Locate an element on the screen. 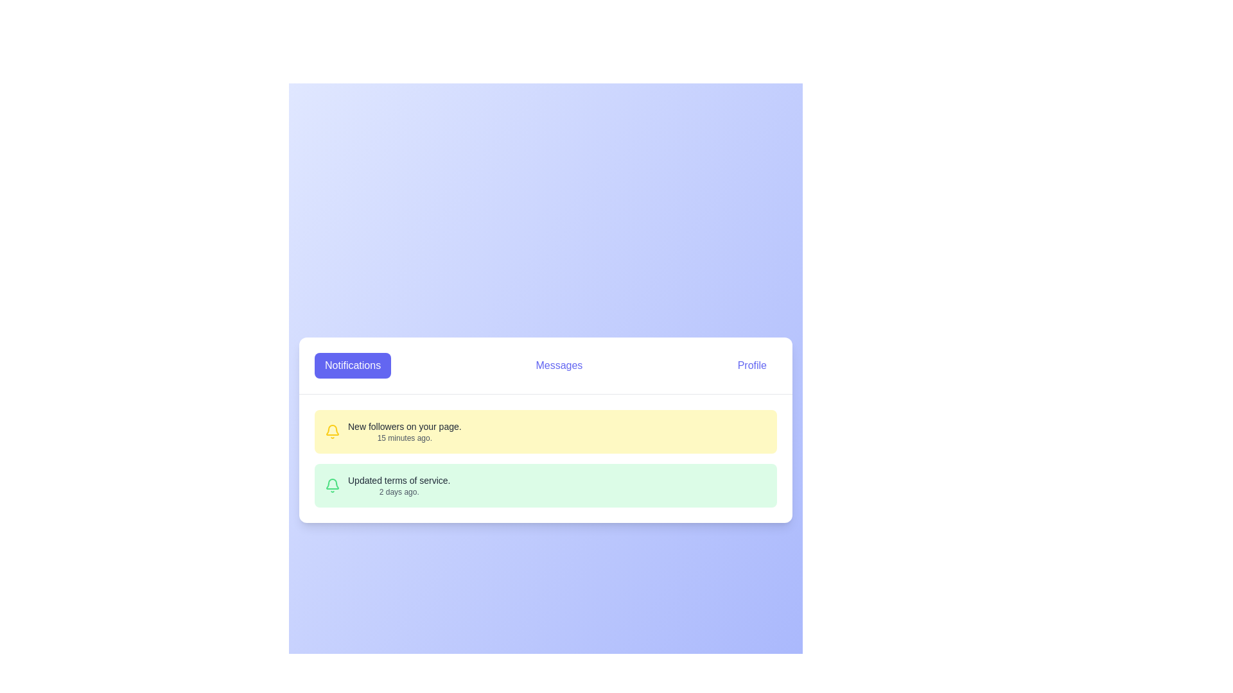 This screenshot has width=1233, height=693. the yellow bell-shaped icon indicating new notifications, located on the left side of the top notification card in the notification panel, just before the text 'New followers on your page.' is located at coordinates (333, 431).